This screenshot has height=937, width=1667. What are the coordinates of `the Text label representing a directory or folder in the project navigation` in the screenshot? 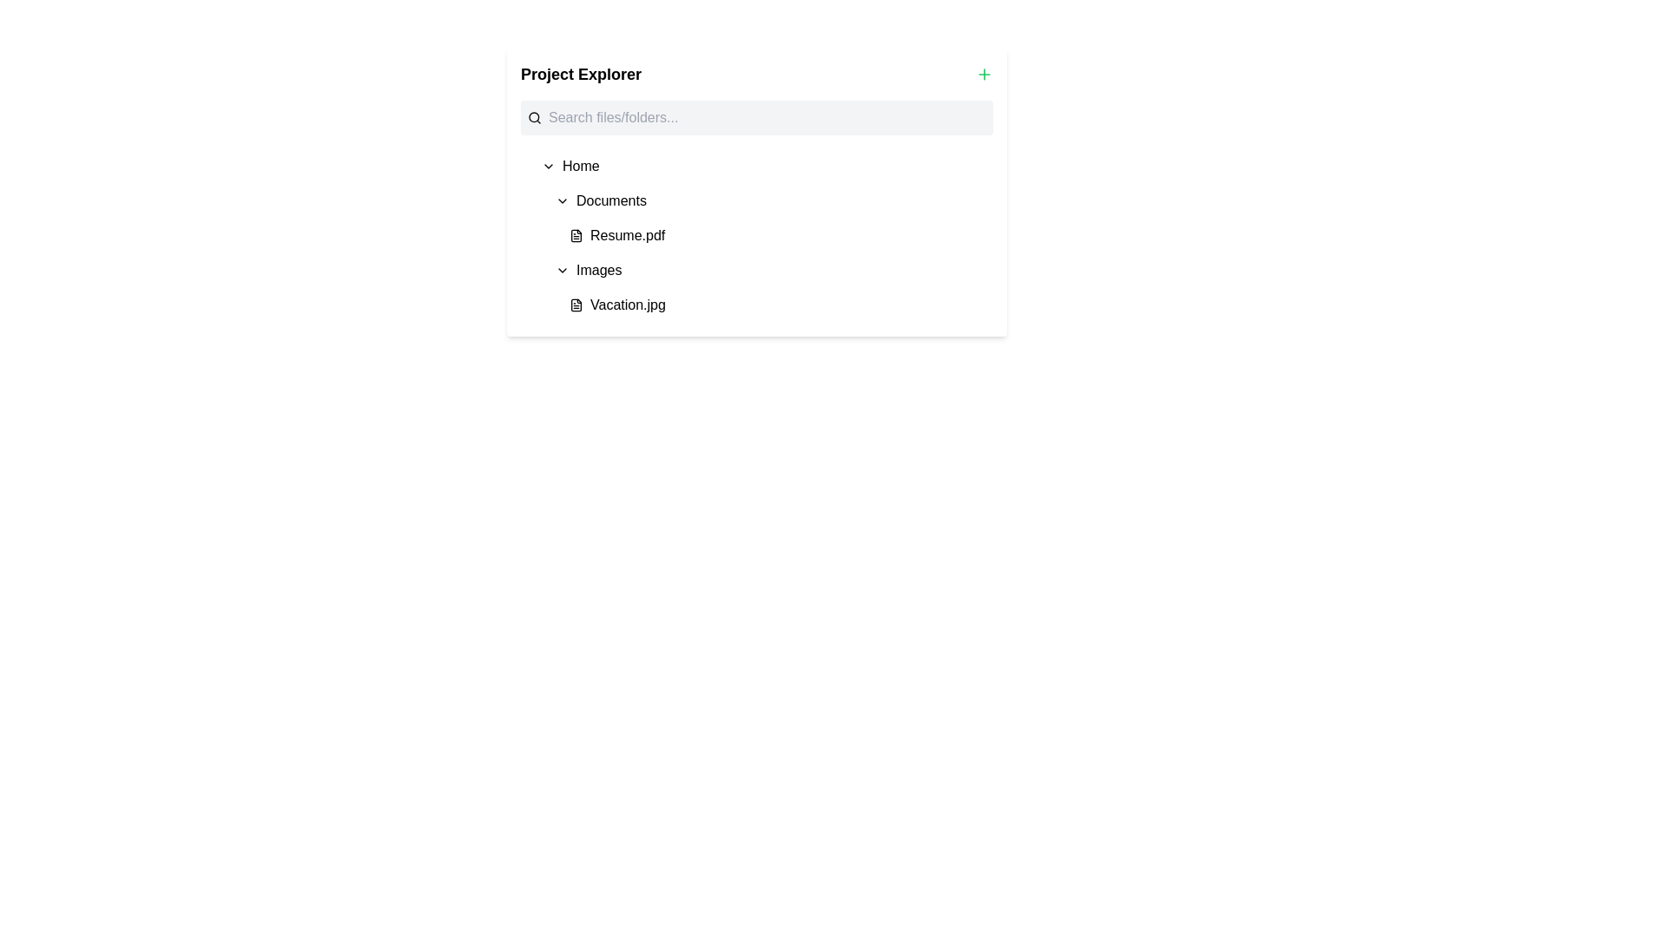 It's located at (611, 200).